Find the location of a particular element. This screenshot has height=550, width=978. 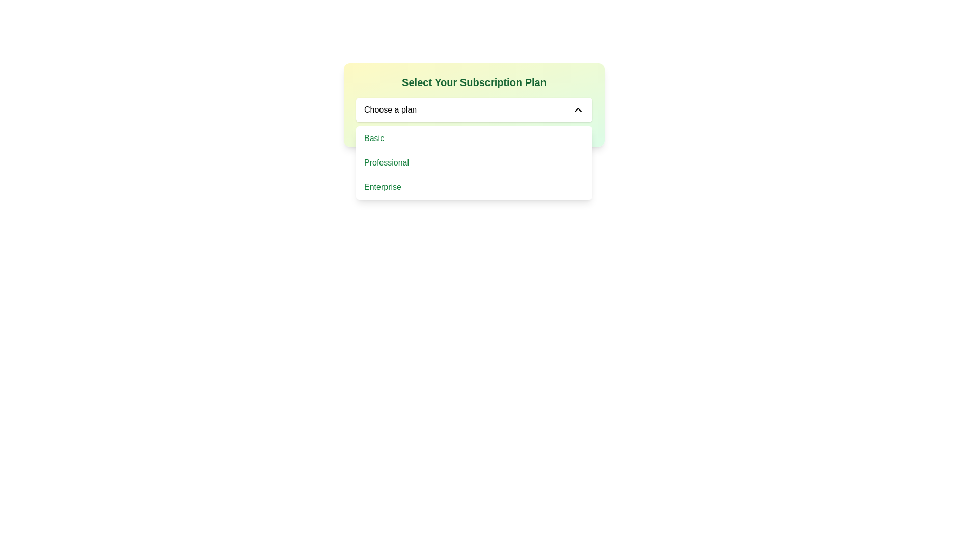

the 'Professional' subscription plan option in the dropdown menu, which is the second option listed below 'Select Your Subscription Plan' is located at coordinates (474, 162).